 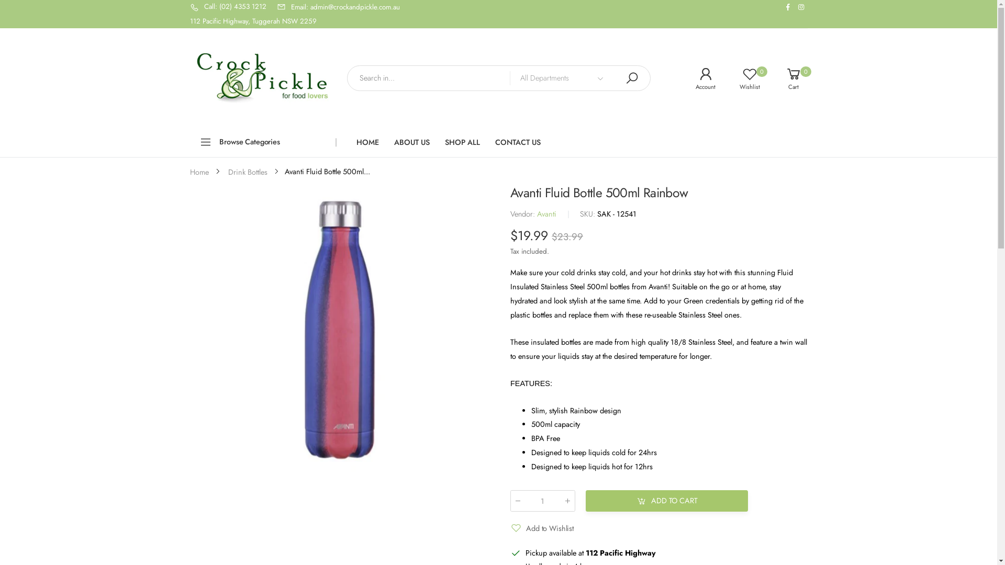 What do you see at coordinates (247, 171) in the screenshot?
I see `'Drink Bottles'` at bounding box center [247, 171].